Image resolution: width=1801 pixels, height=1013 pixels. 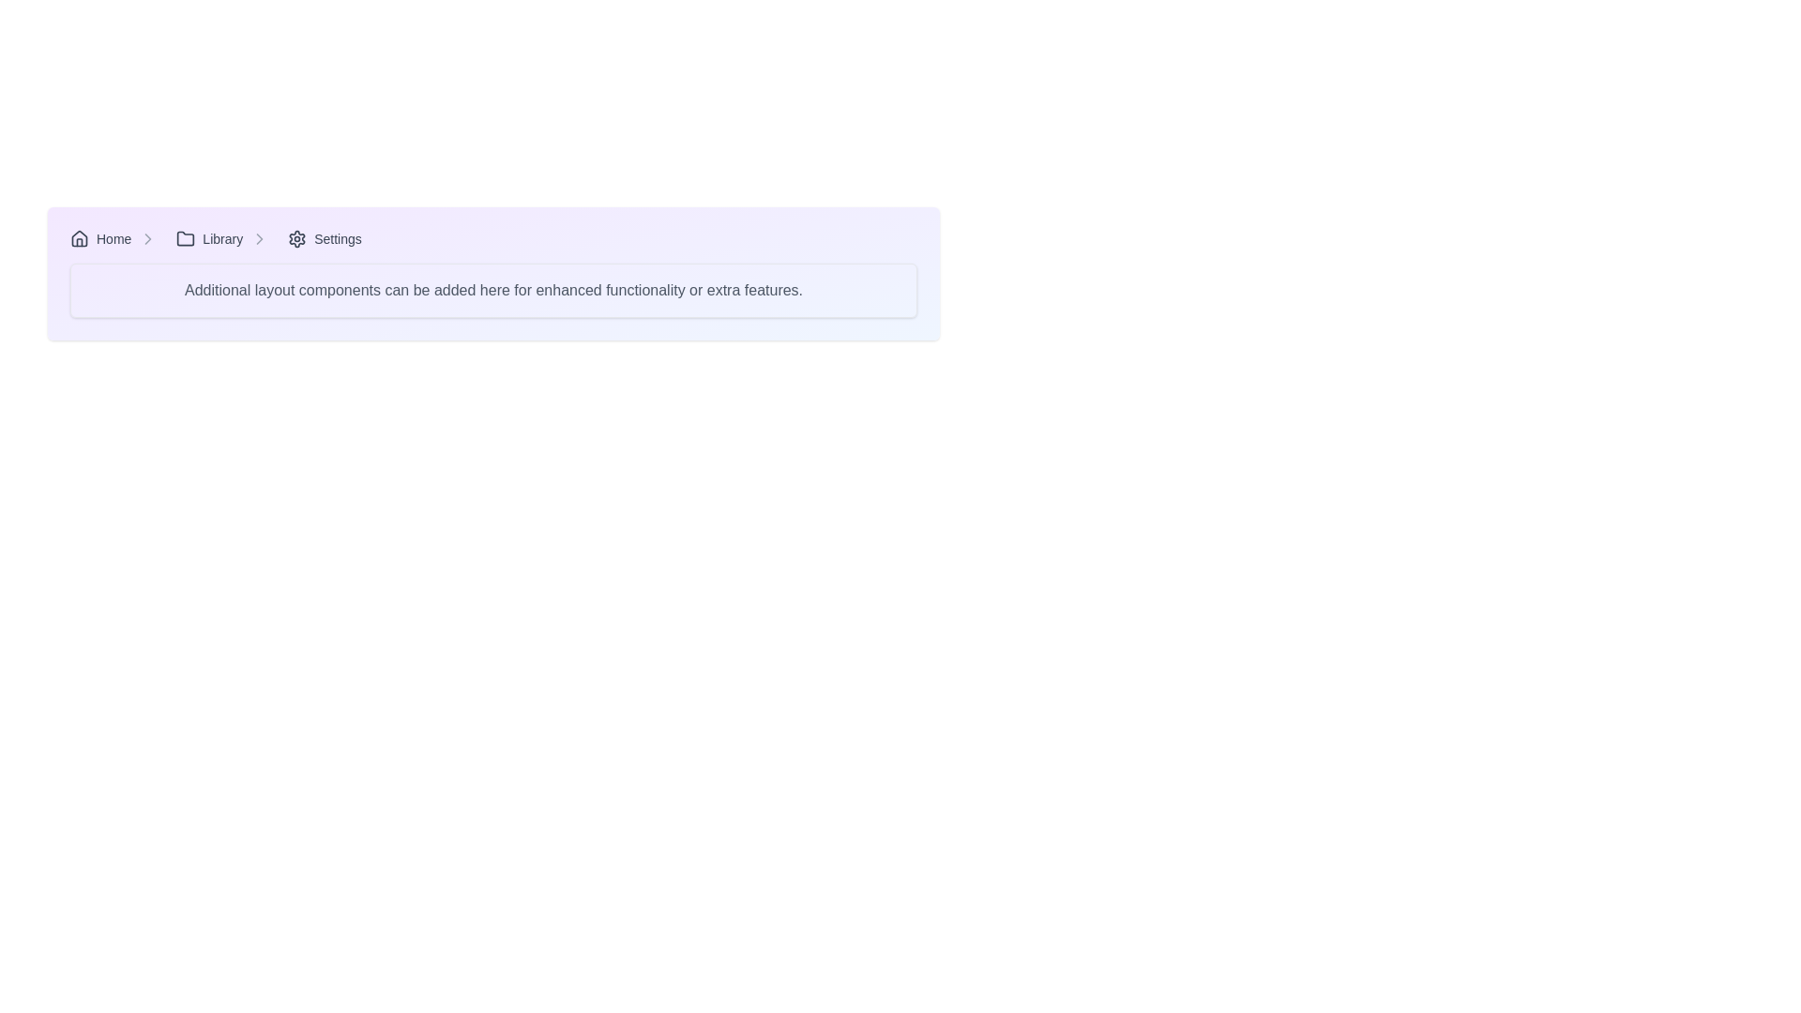 What do you see at coordinates (222, 237) in the screenshot?
I see `text label that indicates the current page location in the breadcrumb navigation component, which is the second item in the menu next to a folder icon` at bounding box center [222, 237].